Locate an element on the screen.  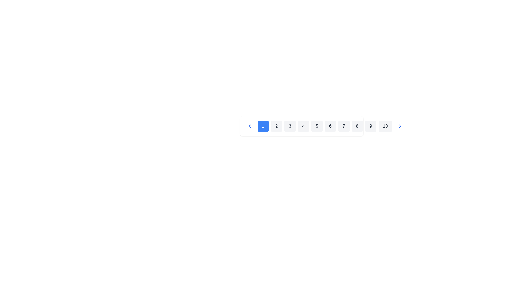
the small rectangular button labeled with the number '3' is located at coordinates (290, 126).